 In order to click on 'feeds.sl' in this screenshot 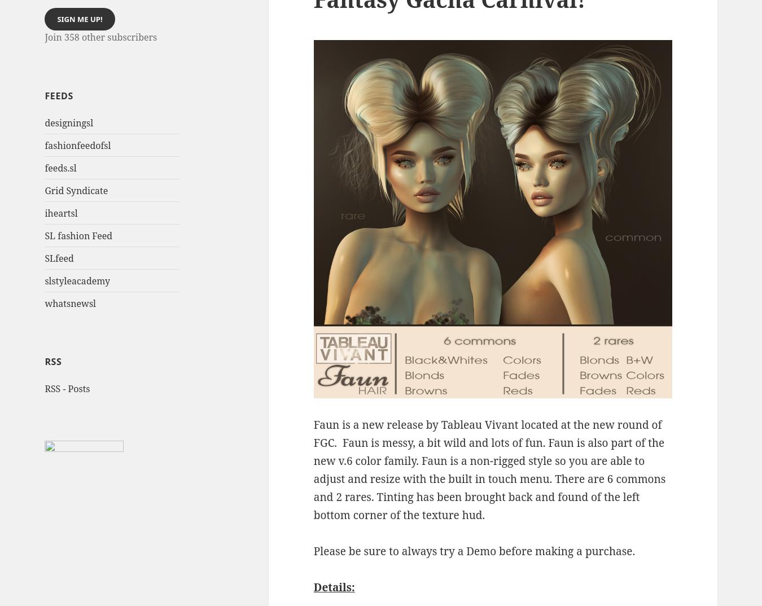, I will do `click(60, 167)`.